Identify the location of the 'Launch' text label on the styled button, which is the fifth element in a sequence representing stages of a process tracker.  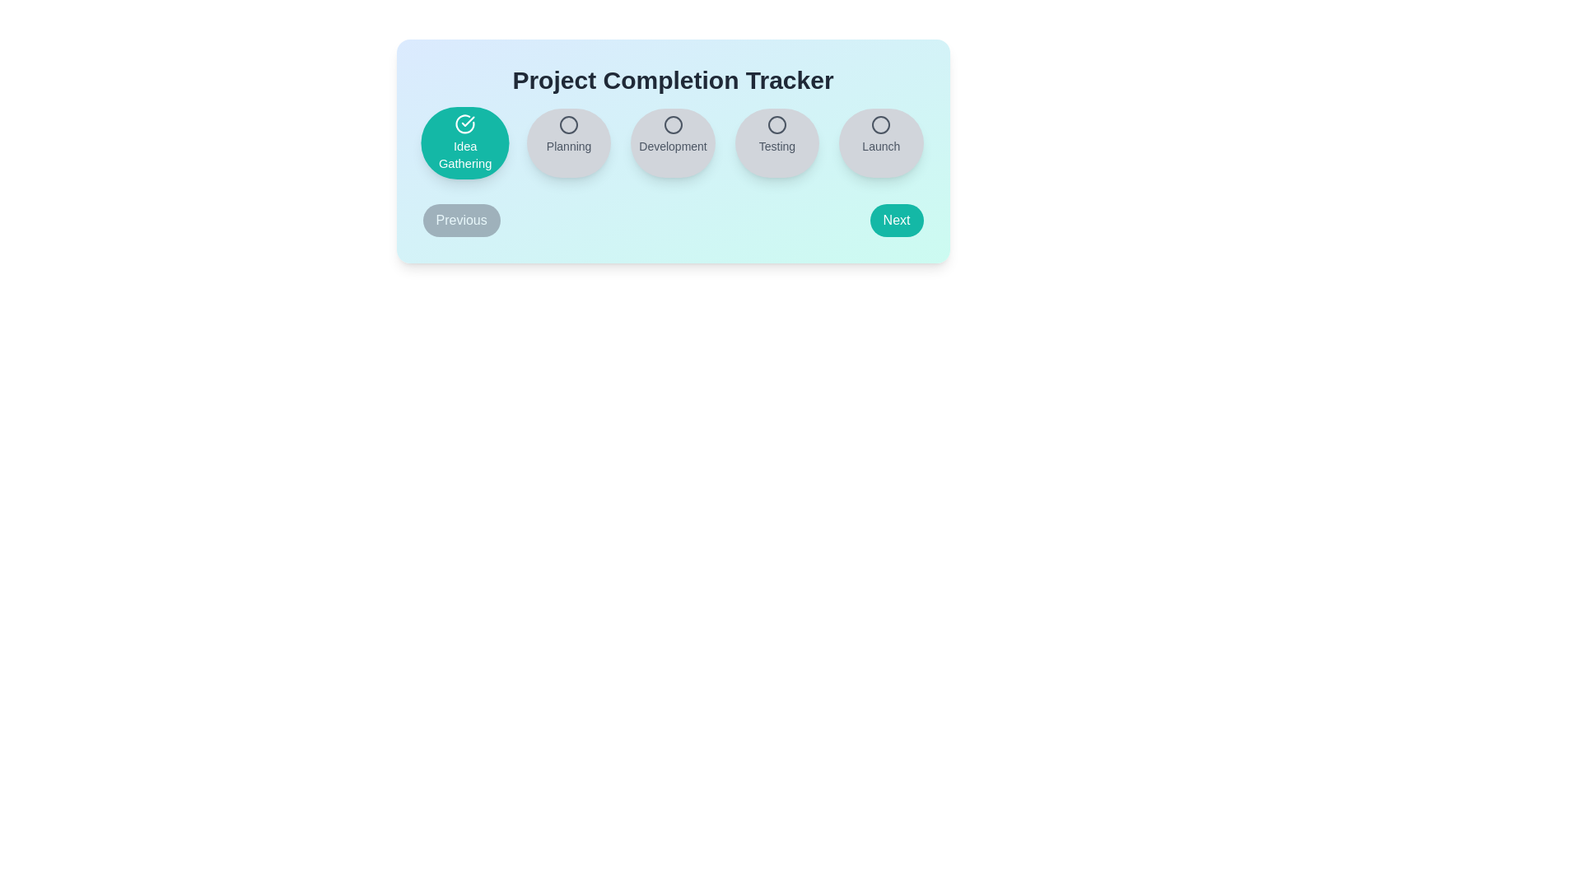
(880, 142).